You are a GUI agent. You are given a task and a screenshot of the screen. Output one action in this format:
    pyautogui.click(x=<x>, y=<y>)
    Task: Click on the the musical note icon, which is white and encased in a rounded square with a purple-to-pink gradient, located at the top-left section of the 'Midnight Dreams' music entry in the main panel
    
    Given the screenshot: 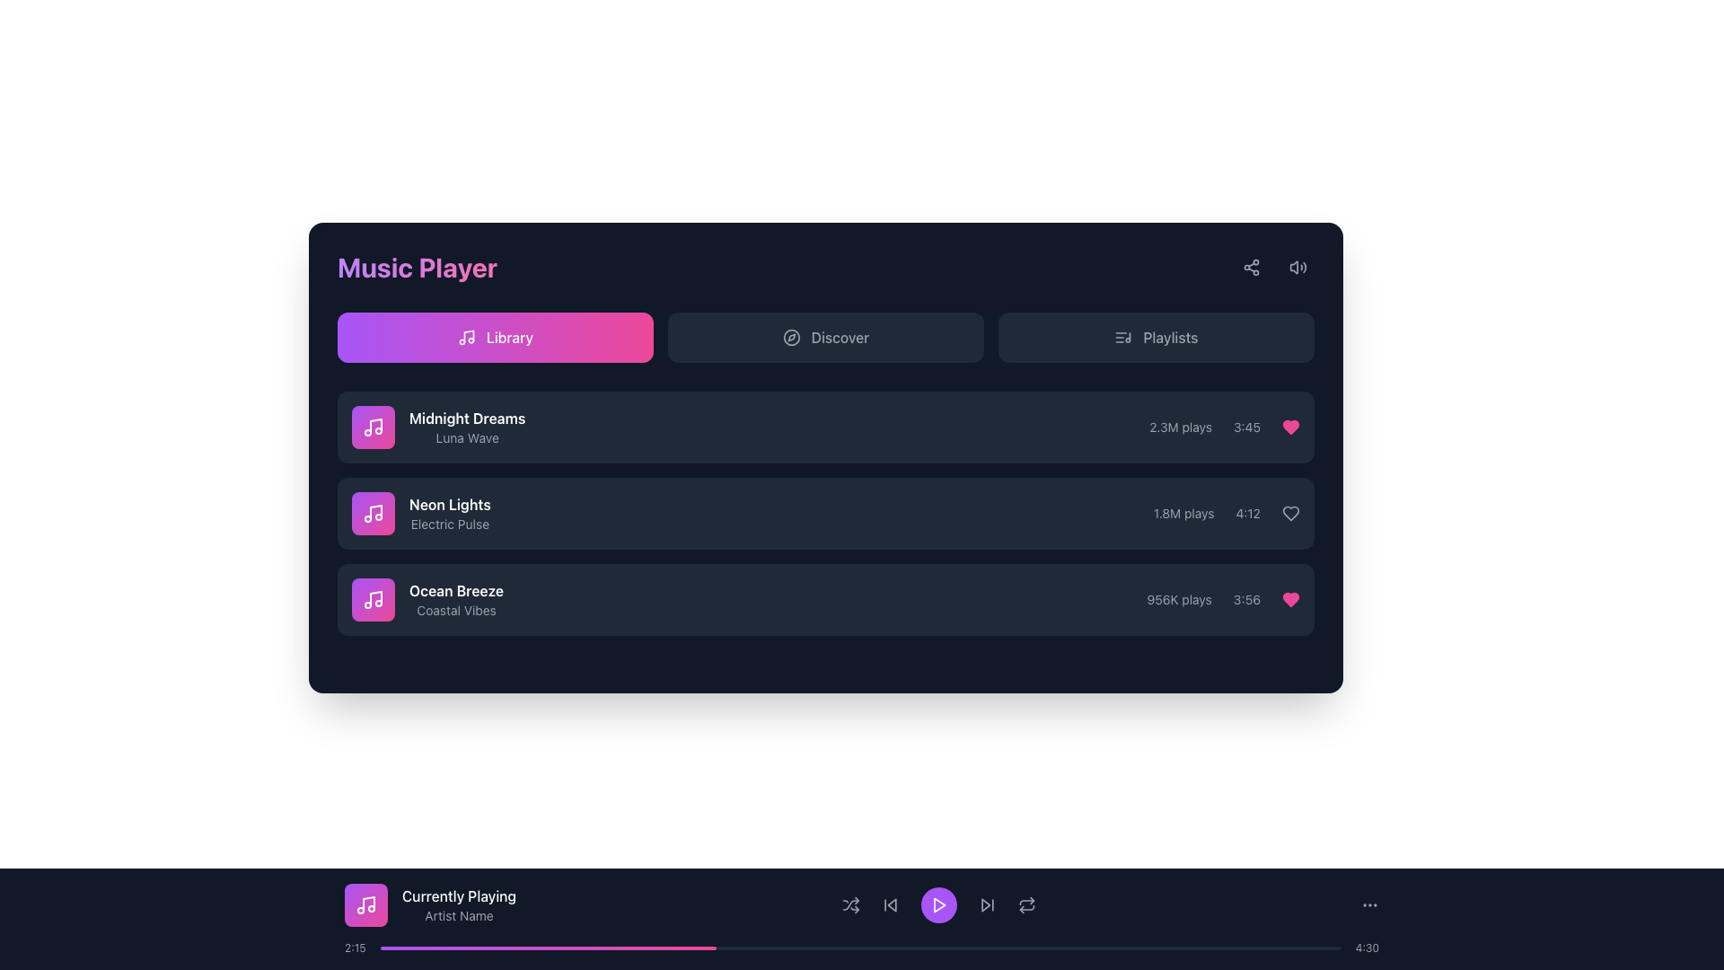 What is the action you would take?
    pyautogui.click(x=373, y=513)
    